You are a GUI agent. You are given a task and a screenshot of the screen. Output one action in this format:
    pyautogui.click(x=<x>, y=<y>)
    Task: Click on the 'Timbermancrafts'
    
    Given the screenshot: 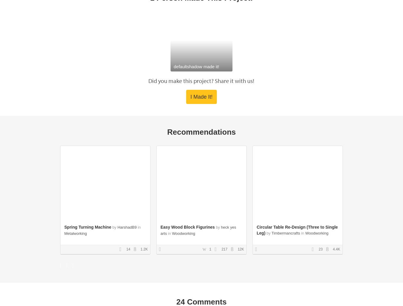 What is the action you would take?
    pyautogui.click(x=286, y=233)
    